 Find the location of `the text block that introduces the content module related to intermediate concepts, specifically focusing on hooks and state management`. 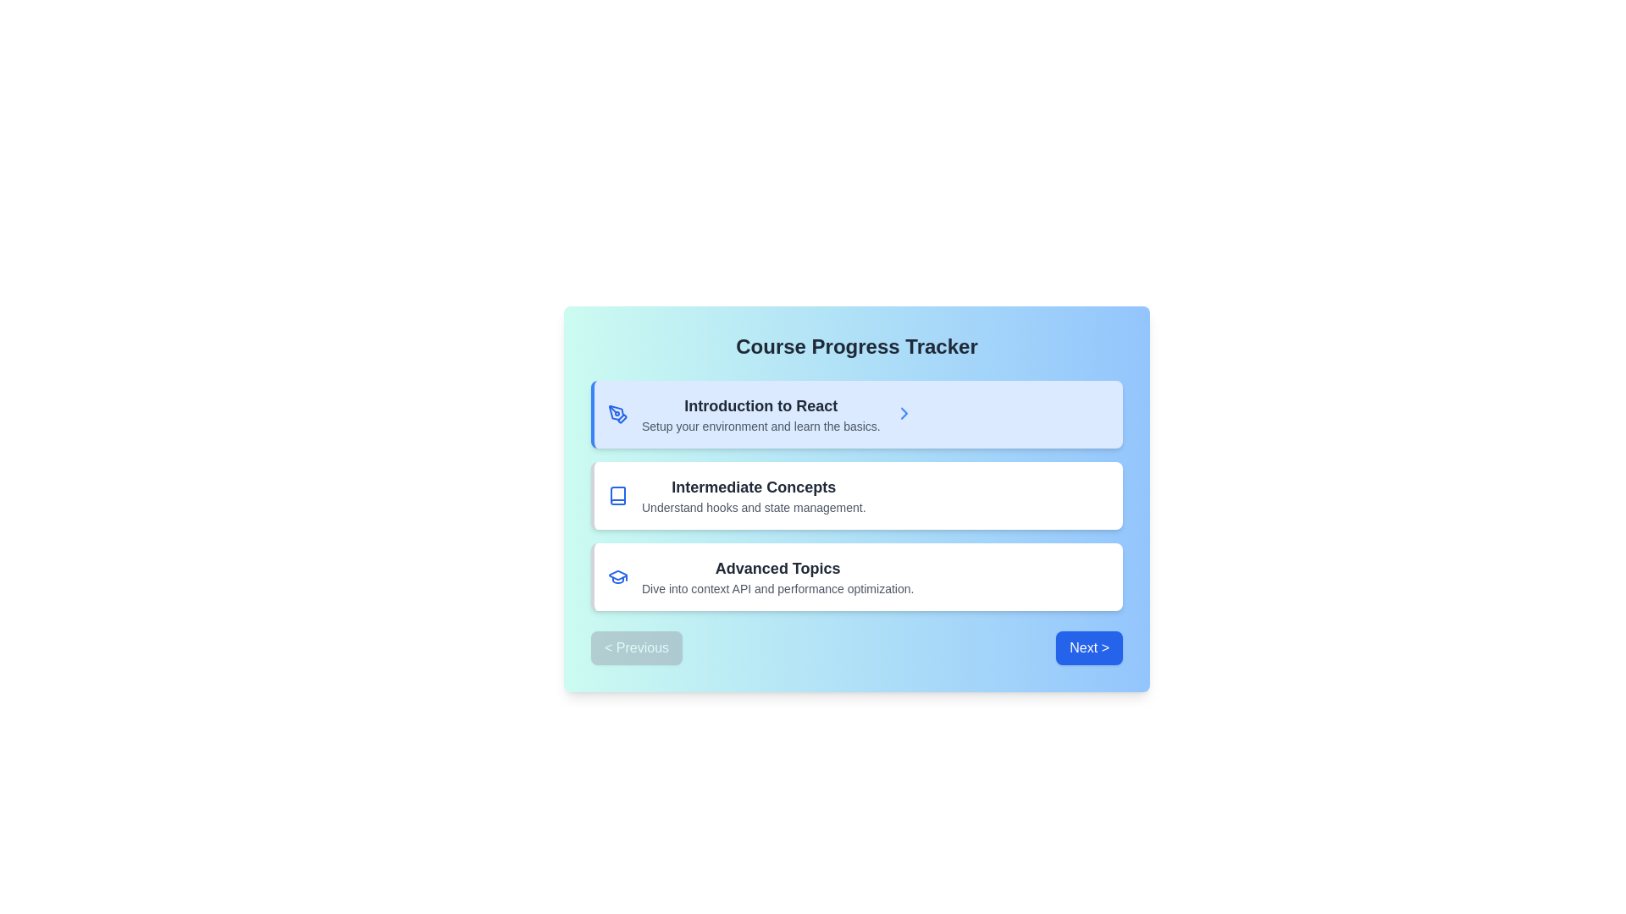

the text block that introduces the content module related to intermediate concepts, specifically focusing on hooks and state management is located at coordinates (753, 495).